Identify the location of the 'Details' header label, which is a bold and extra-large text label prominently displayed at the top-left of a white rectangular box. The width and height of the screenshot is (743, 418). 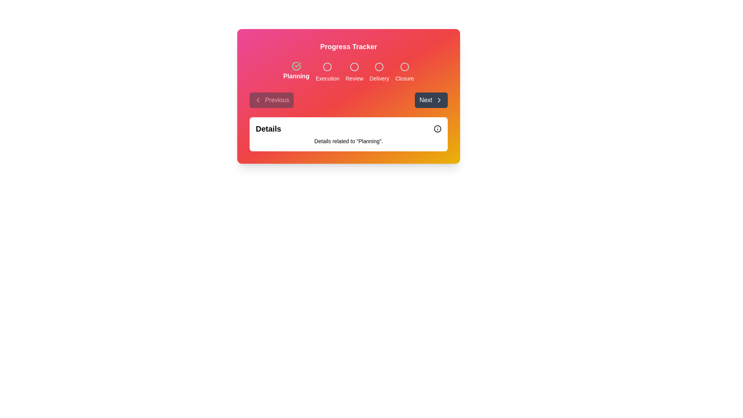
(268, 128).